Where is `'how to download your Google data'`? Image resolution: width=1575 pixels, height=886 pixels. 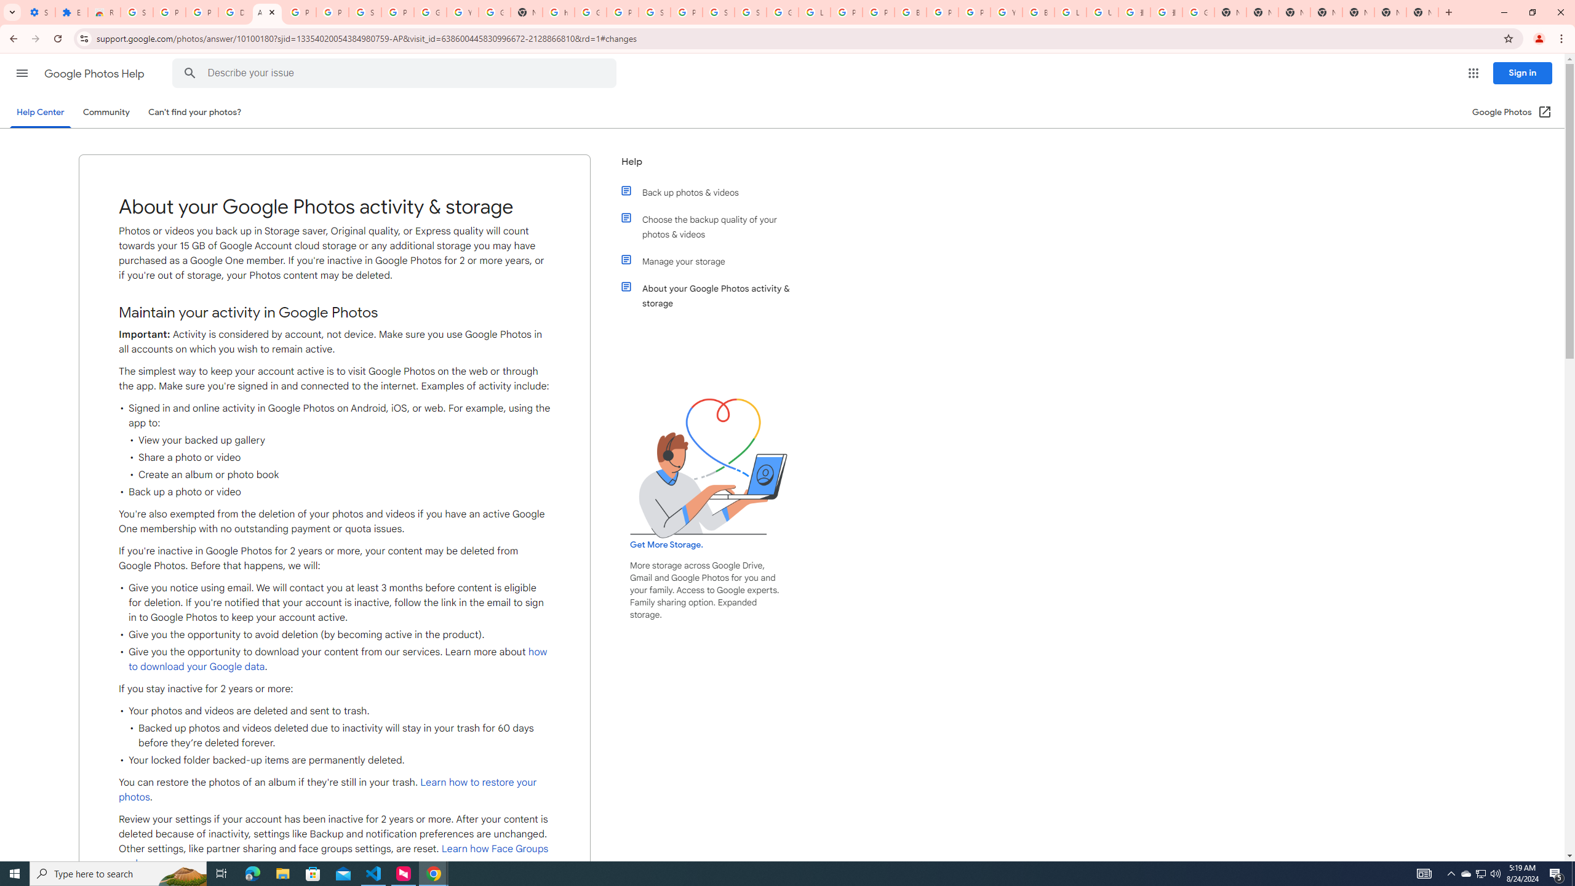
'how to download your Google data' is located at coordinates (338, 660).